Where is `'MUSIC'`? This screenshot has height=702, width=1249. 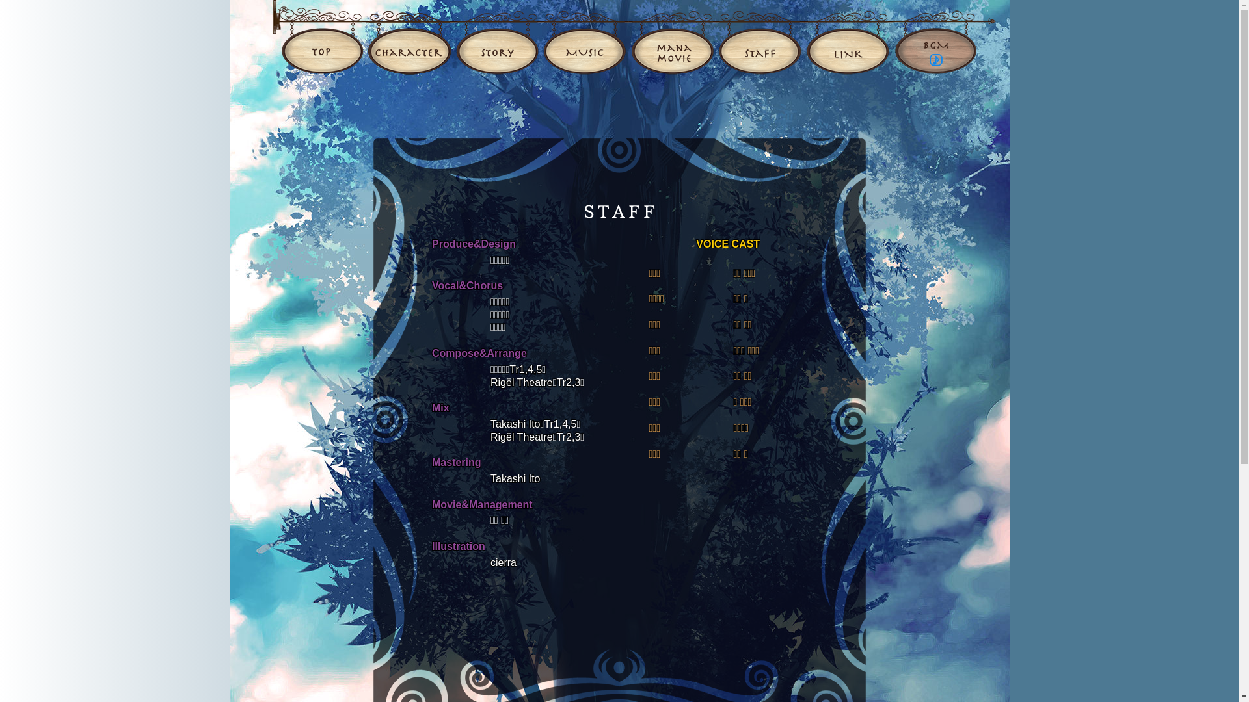
'MUSIC' is located at coordinates (584, 36).